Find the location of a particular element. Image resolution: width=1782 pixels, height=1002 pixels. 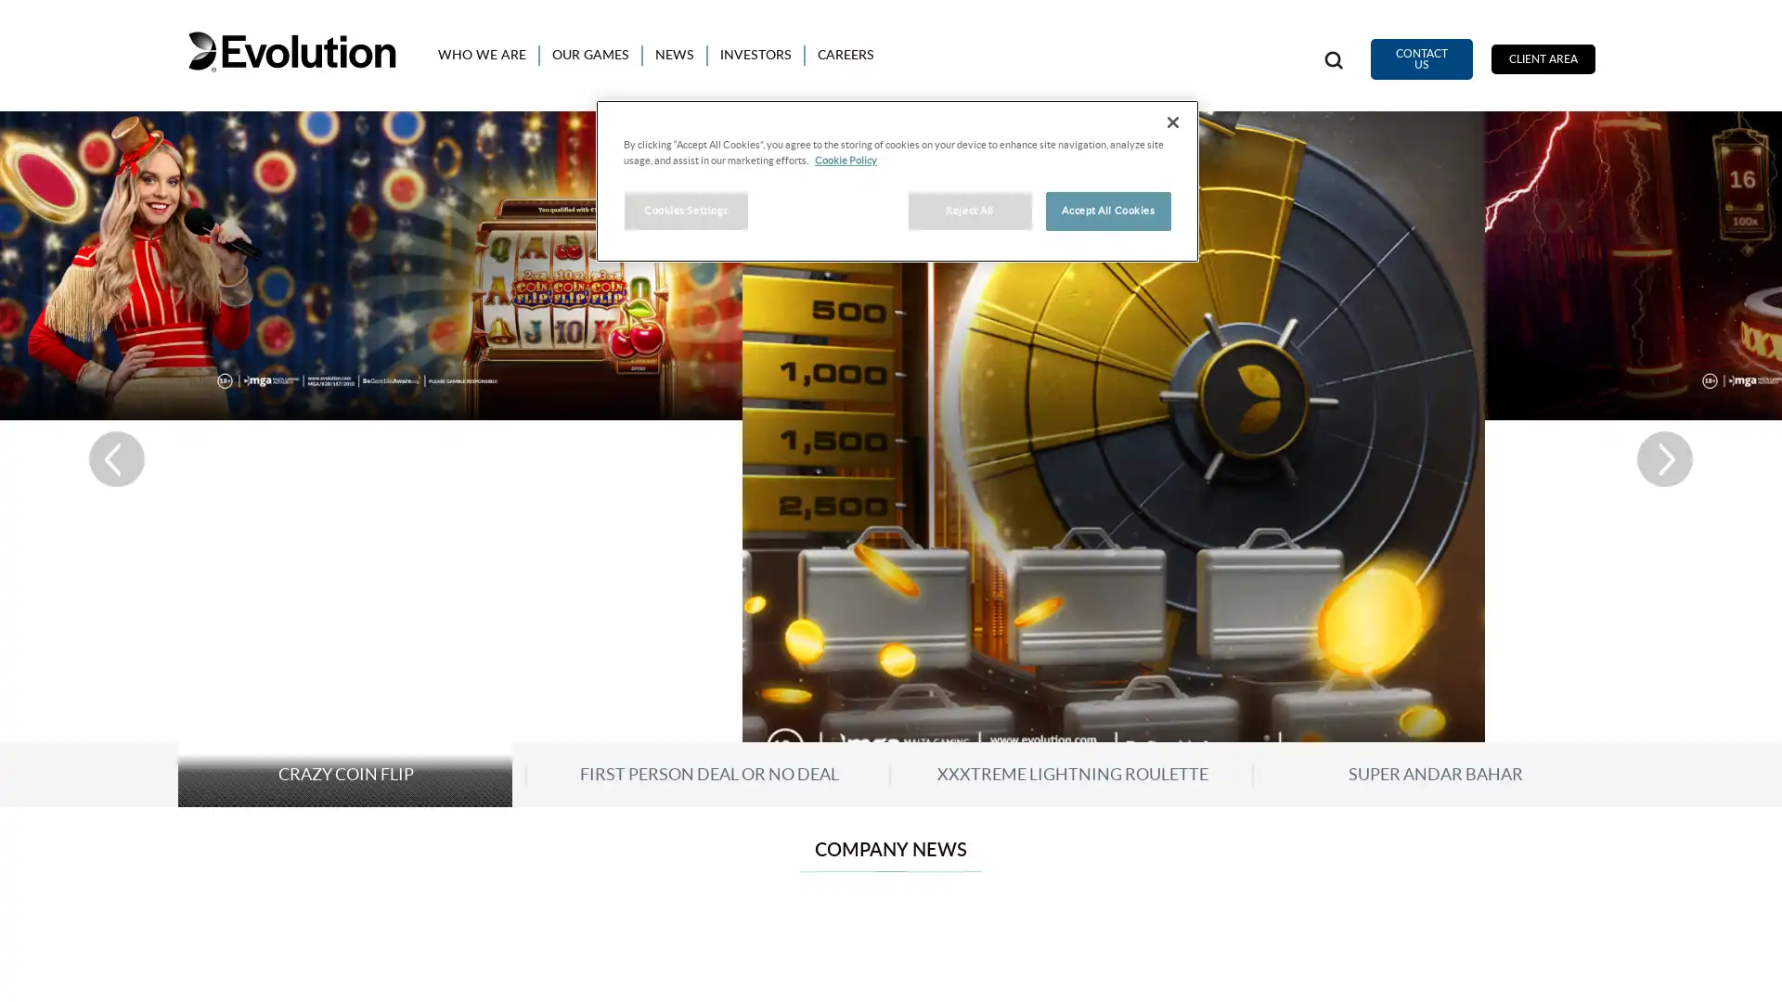

Cookies Settings is located at coordinates (685, 210).